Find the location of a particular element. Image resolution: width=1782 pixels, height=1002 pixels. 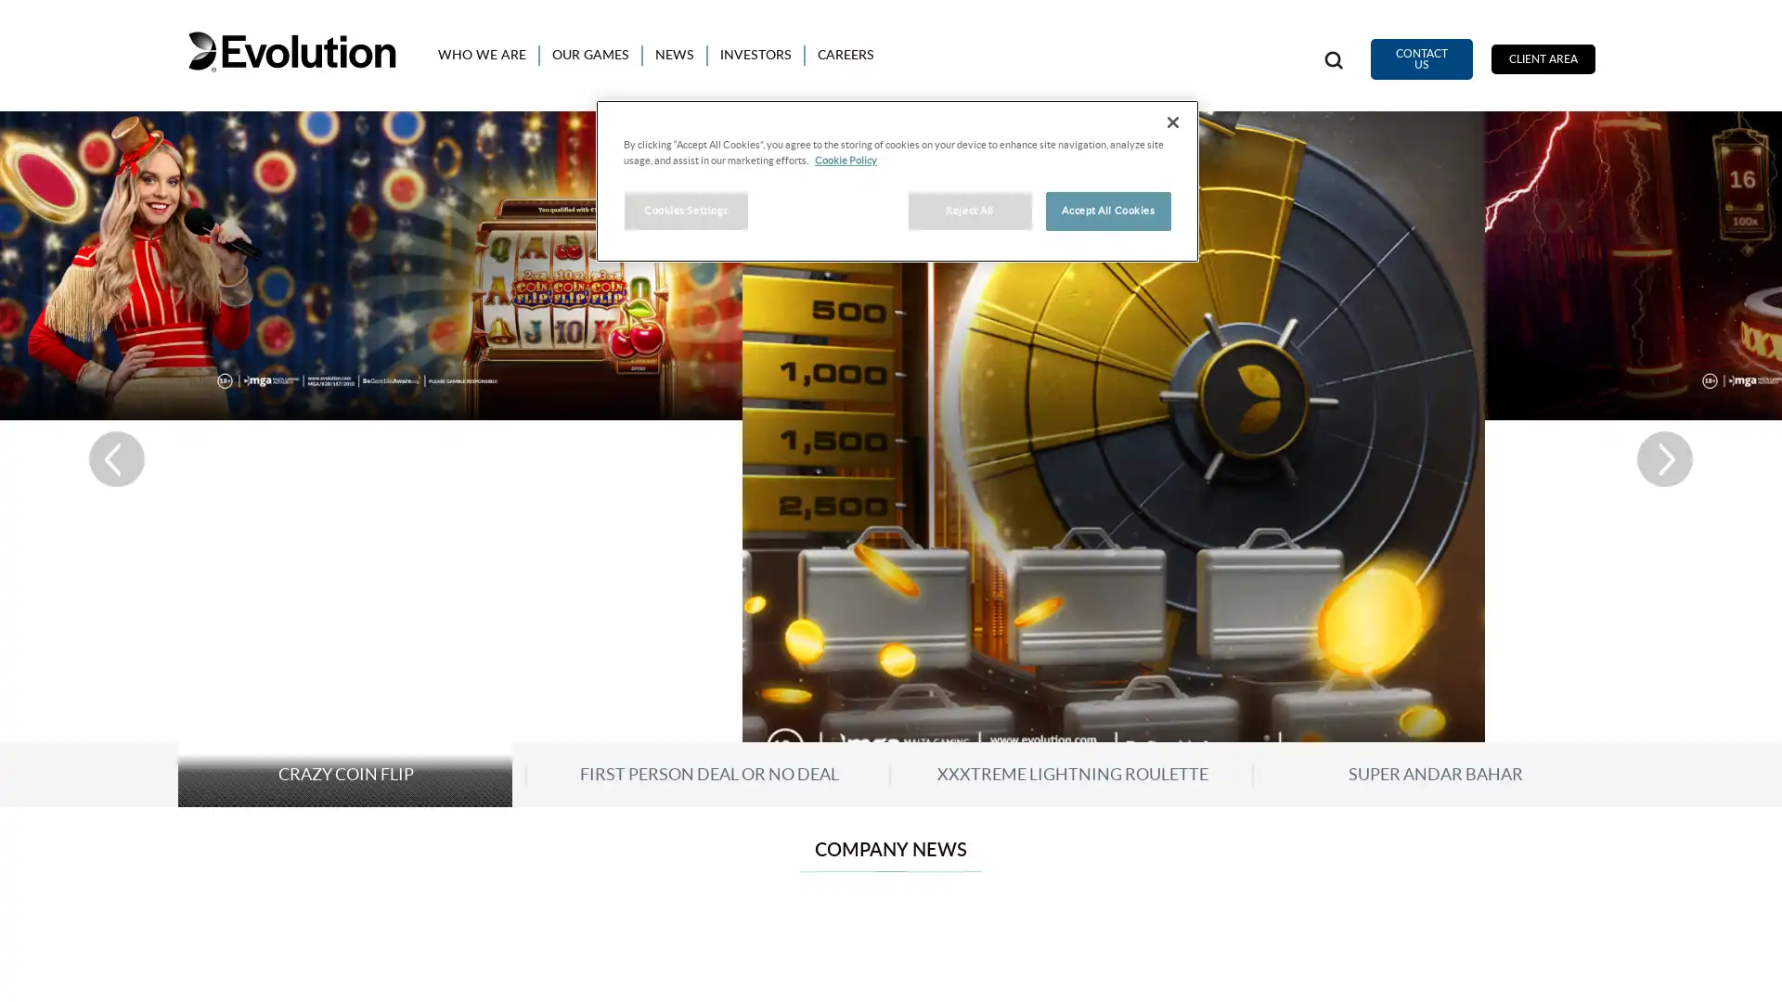

Cookies Settings is located at coordinates (685, 210).